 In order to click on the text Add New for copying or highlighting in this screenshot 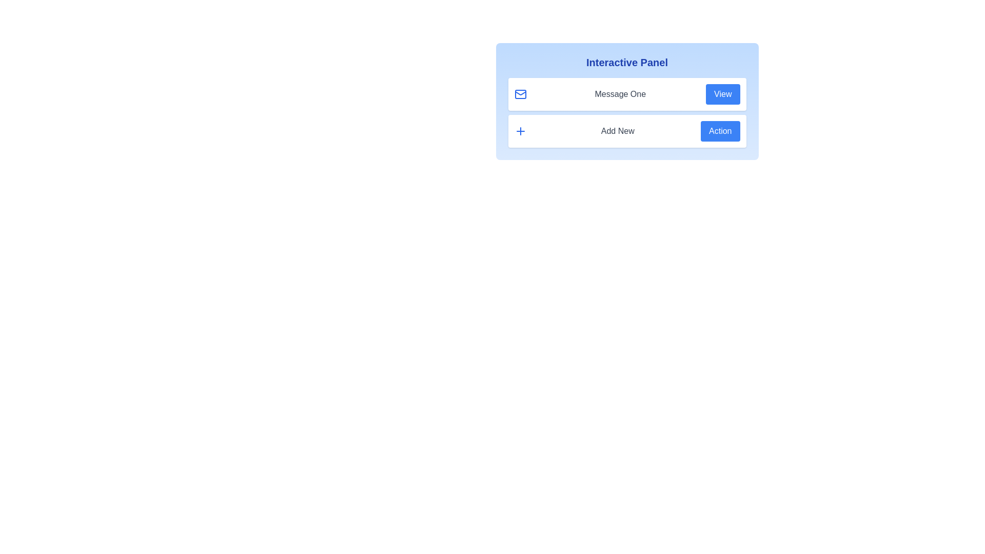, I will do `click(617, 130)`.